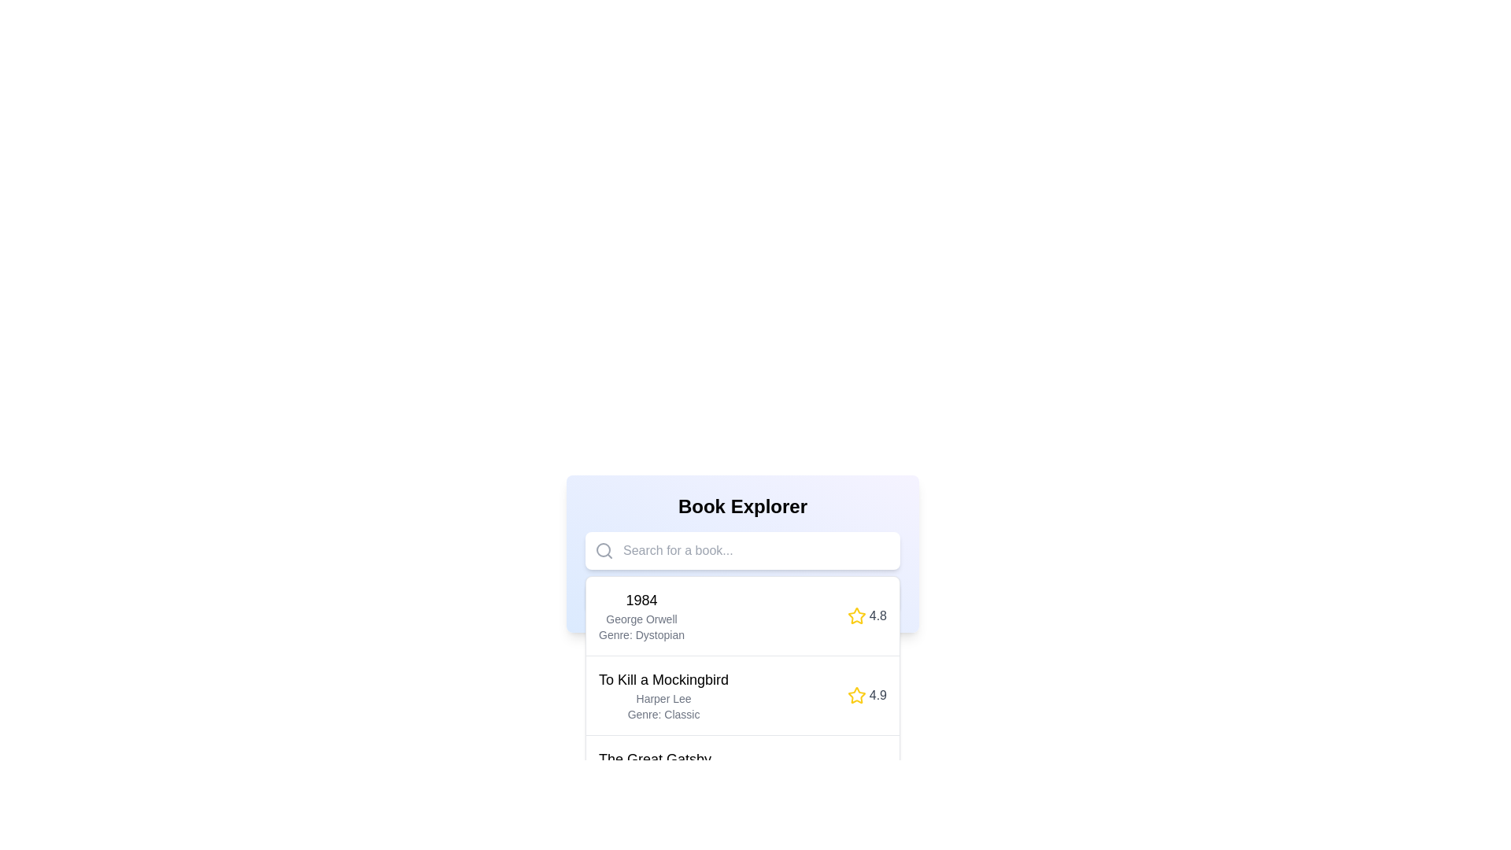 This screenshot has width=1511, height=850. What do you see at coordinates (641, 615) in the screenshot?
I see `the Text element that provides information about a book, including its title, author, and genre, located in the first item of a vertical list in the main content area` at bounding box center [641, 615].